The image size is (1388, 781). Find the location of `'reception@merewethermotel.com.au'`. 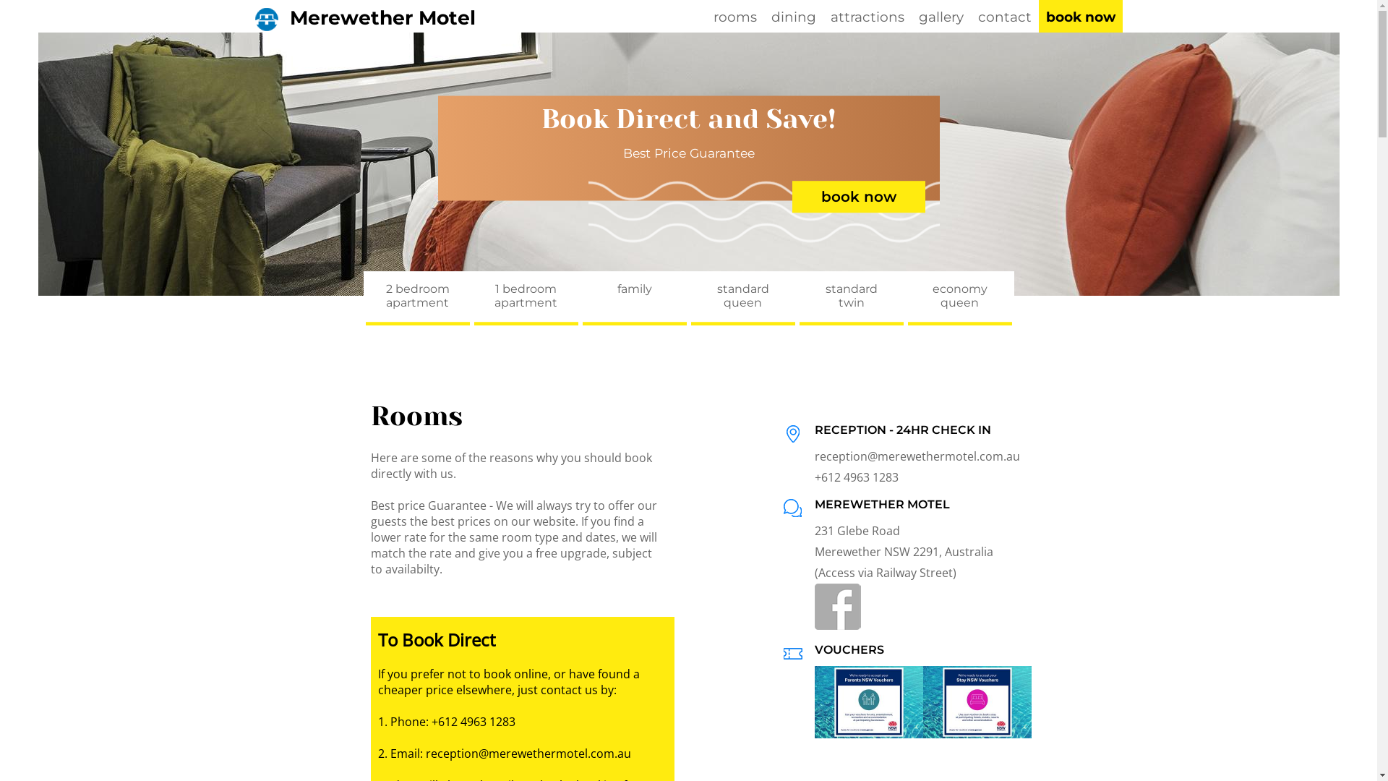

'reception@merewethermotel.com.au' is located at coordinates (915, 456).